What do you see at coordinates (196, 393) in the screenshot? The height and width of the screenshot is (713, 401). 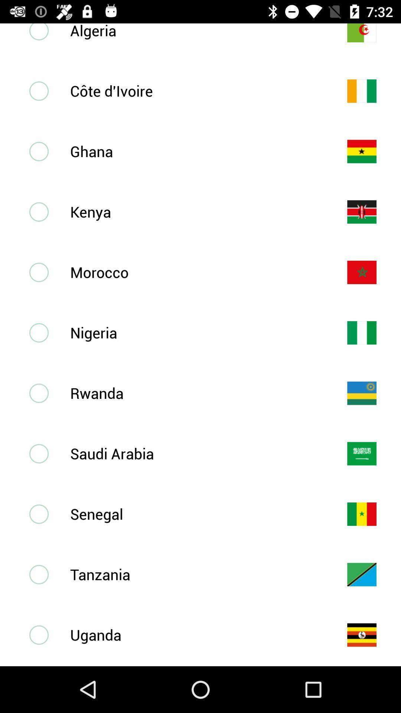 I see `the rwanda` at bounding box center [196, 393].